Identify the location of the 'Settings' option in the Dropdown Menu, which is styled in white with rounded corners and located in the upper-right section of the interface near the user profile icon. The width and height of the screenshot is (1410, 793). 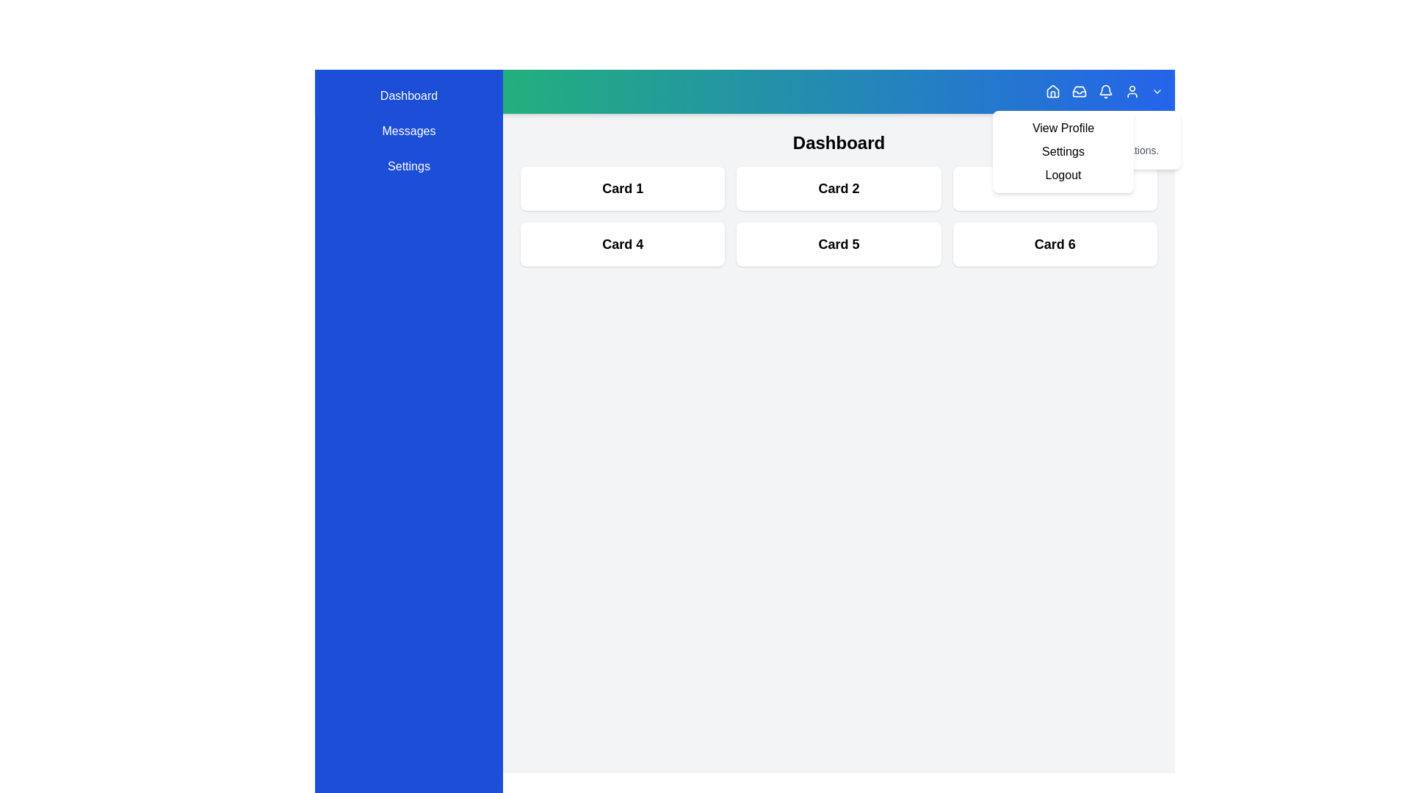
(1063, 152).